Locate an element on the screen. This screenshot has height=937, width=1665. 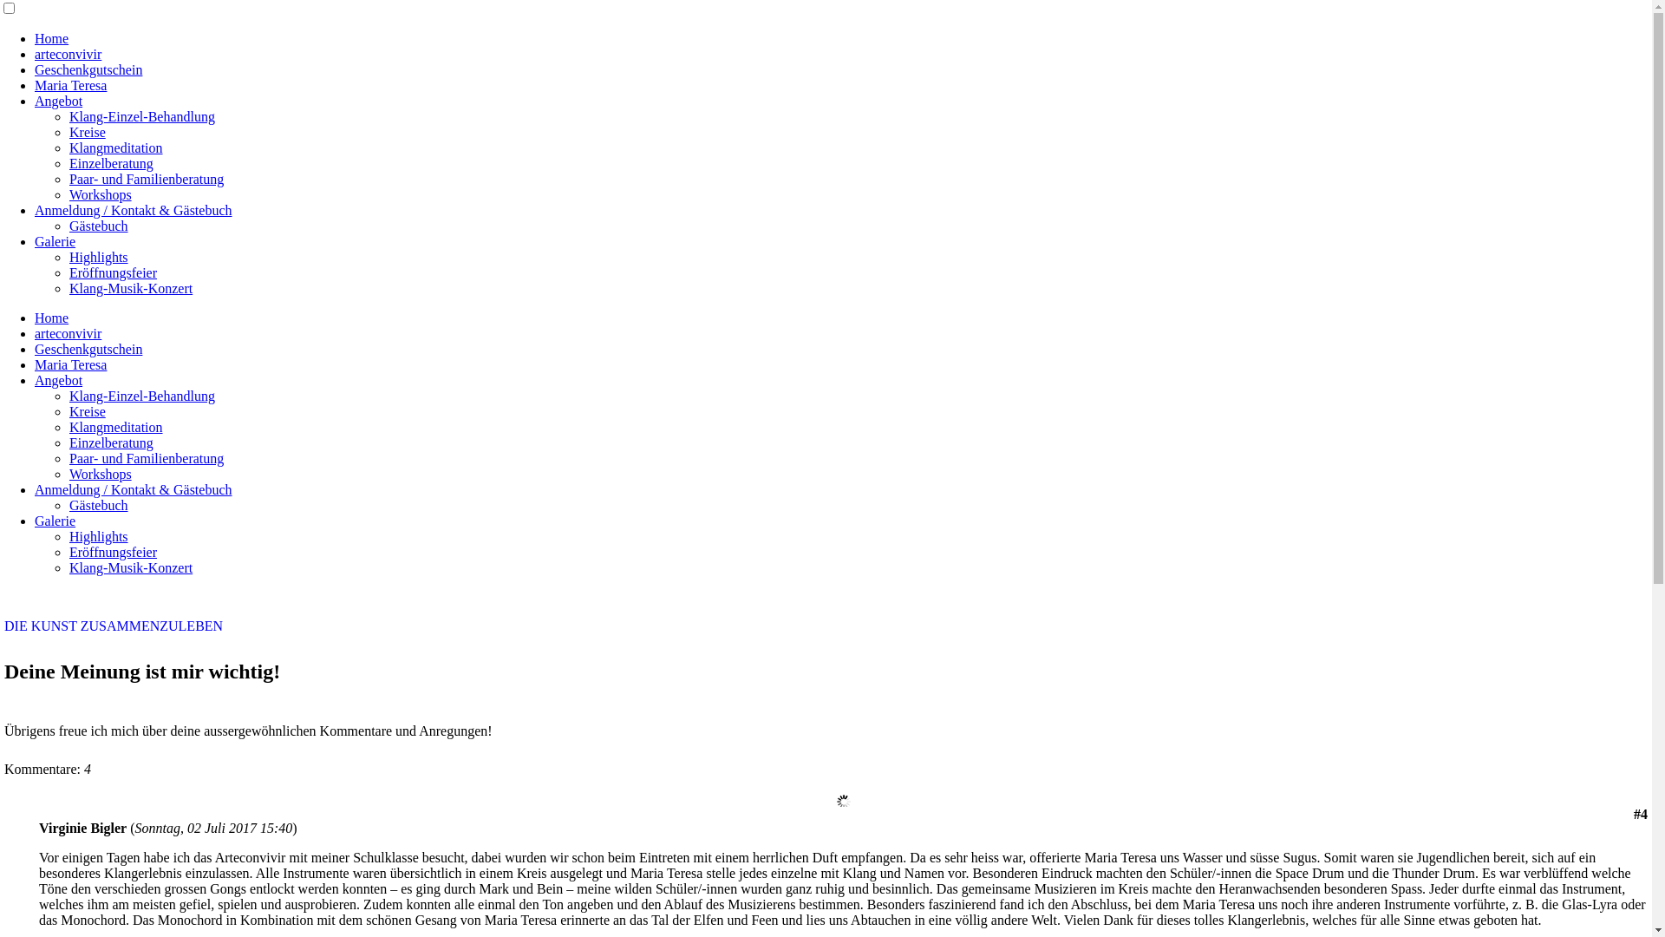
'Home' is located at coordinates (51, 318).